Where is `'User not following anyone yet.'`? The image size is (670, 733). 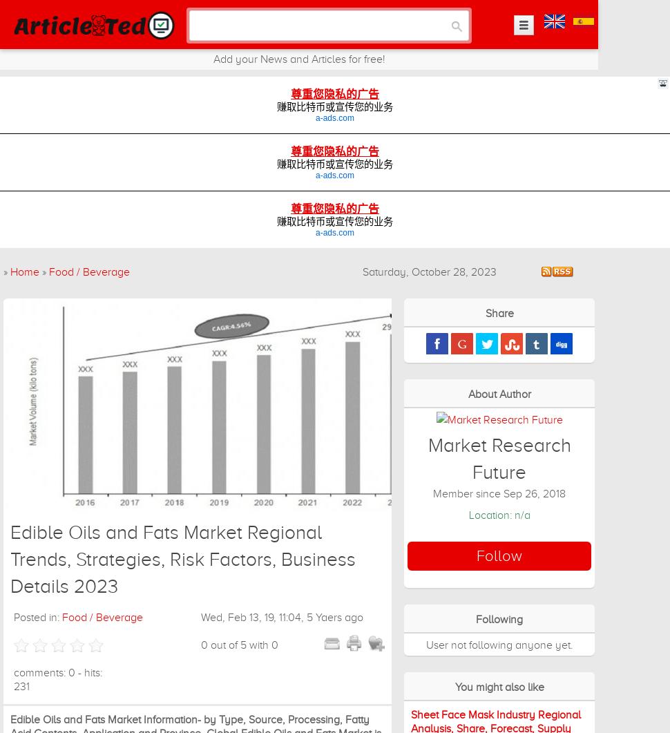
'User not following anyone yet.' is located at coordinates (499, 644).